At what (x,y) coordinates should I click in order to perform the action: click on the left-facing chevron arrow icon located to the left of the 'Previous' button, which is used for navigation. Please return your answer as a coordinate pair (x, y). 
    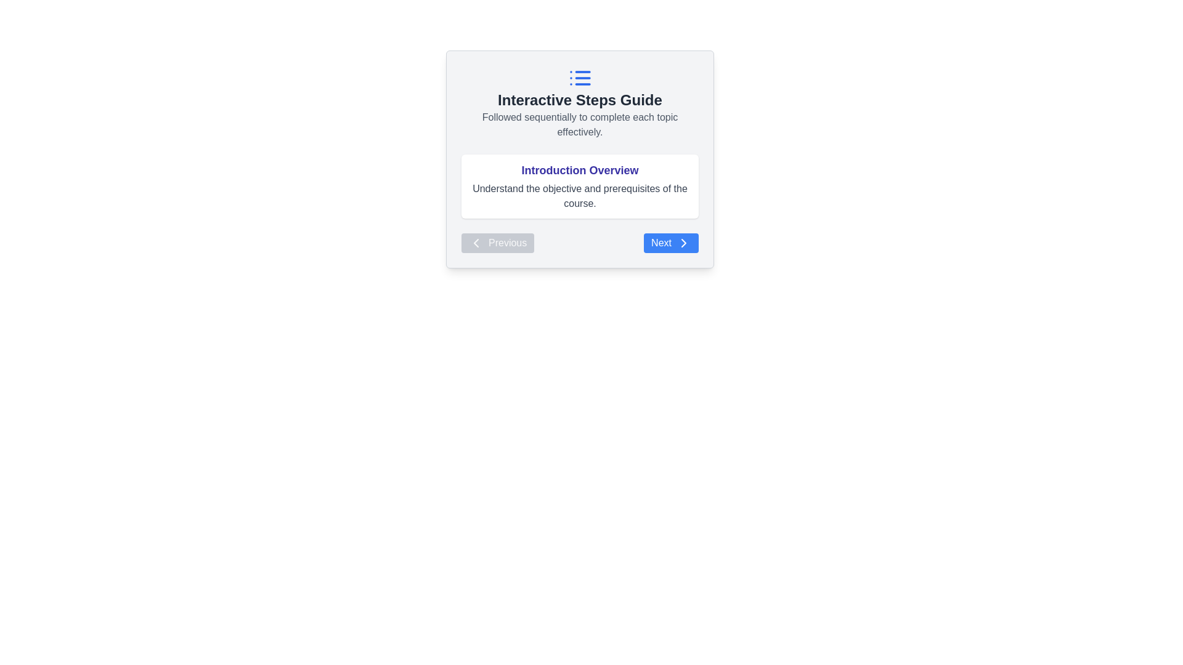
    Looking at the image, I should click on (475, 243).